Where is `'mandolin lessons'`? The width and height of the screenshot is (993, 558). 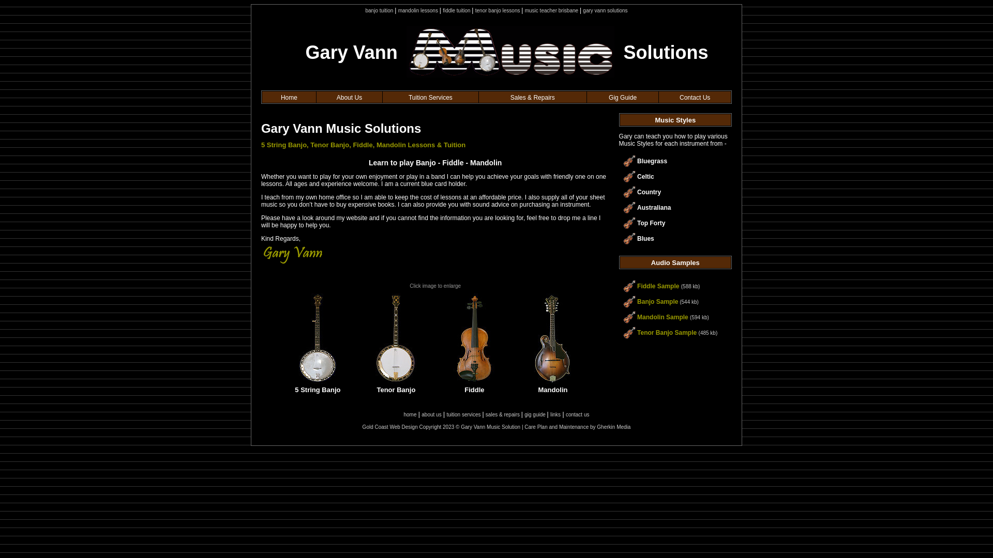
'mandolin lessons' is located at coordinates (419, 10).